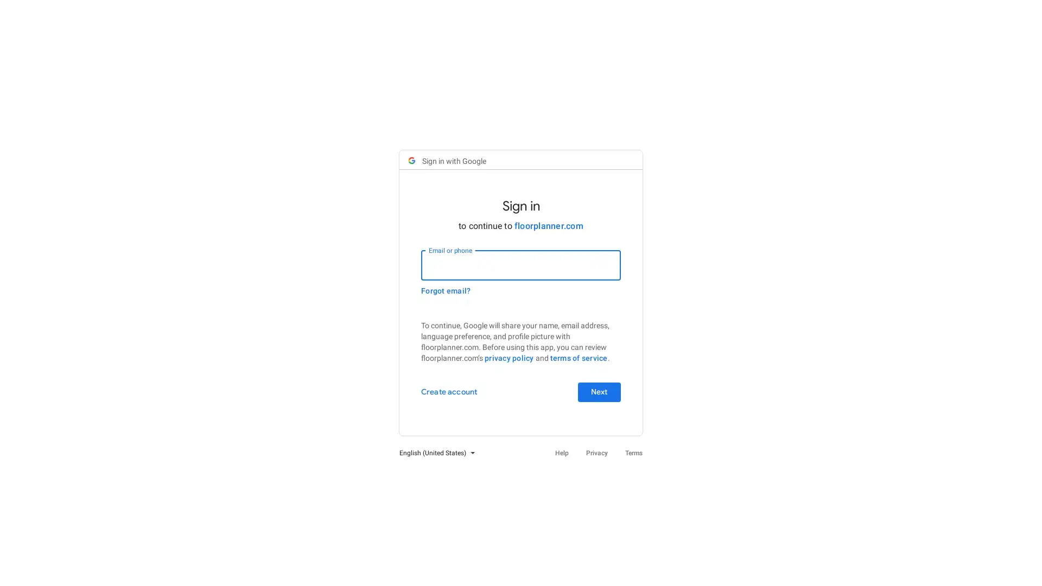  I want to click on Next, so click(599, 392).